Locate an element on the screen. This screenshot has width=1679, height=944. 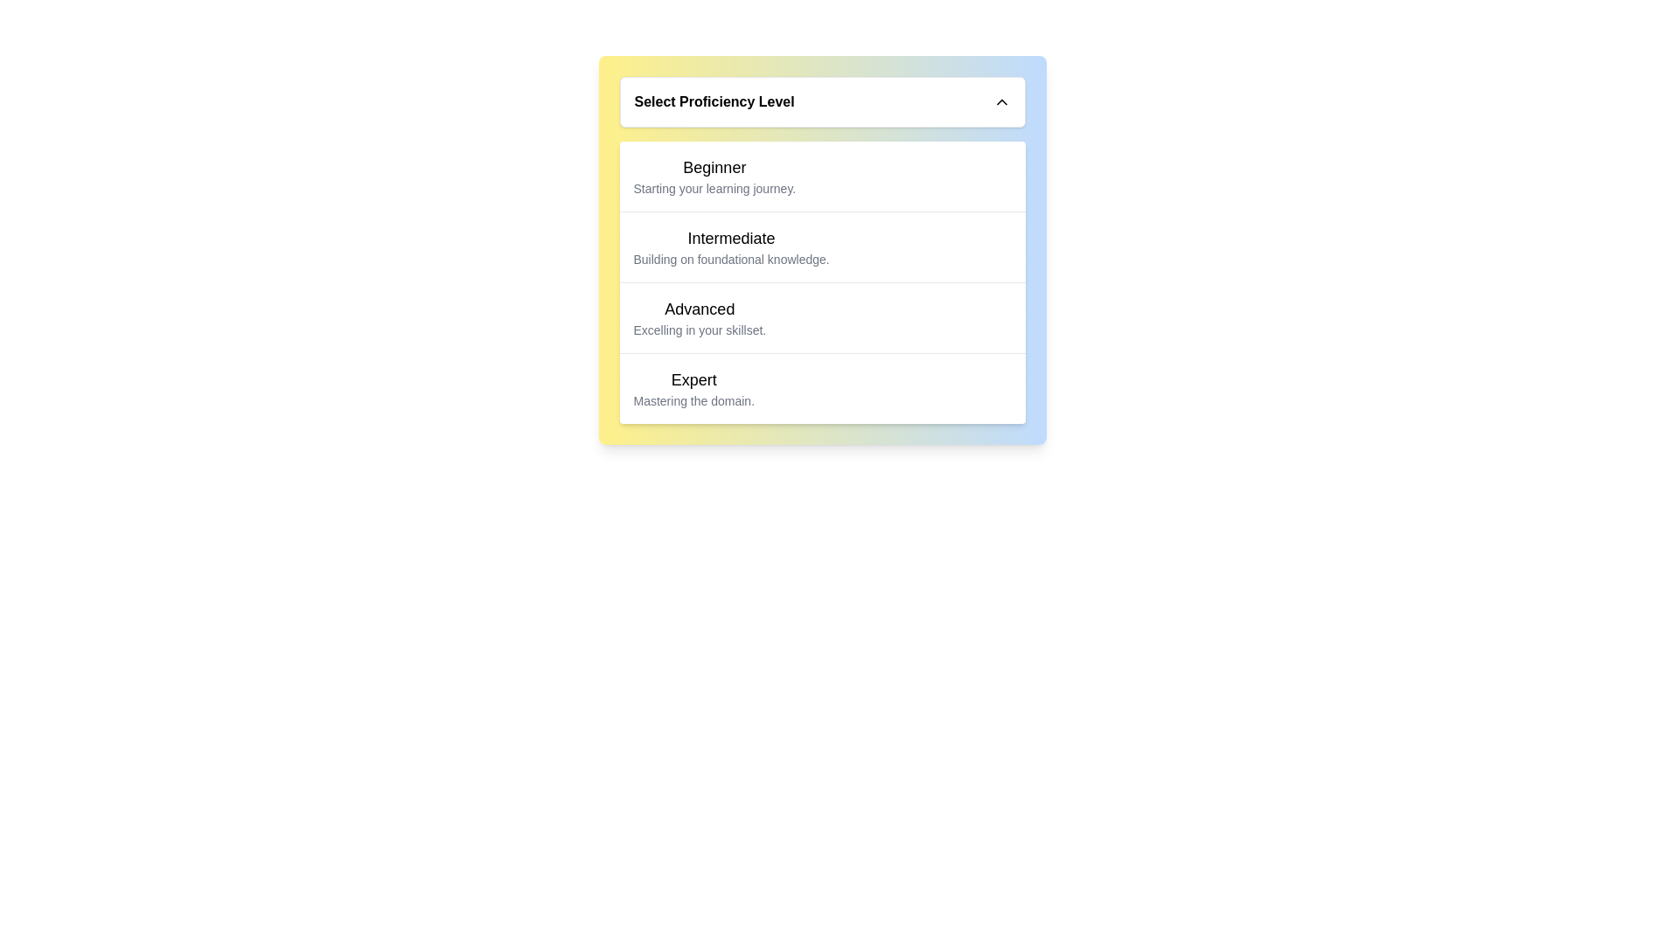
the static text label that reads 'Building on foundational knowledge.' located beneath the 'Intermediate' heading in the 'Select Proficiency Level' section is located at coordinates (731, 260).